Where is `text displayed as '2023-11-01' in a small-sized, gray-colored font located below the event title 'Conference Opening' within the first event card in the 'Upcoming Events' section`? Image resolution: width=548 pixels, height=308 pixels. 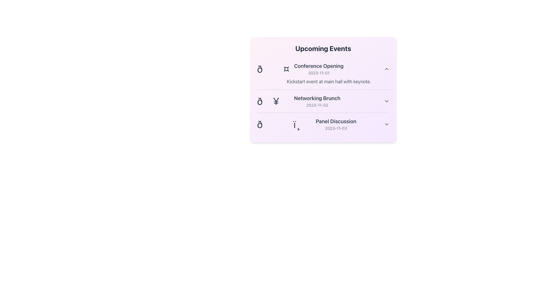
text displayed as '2023-11-01' in a small-sized, gray-colored font located below the event title 'Conference Opening' within the first event card in the 'Upcoming Events' section is located at coordinates (319, 72).